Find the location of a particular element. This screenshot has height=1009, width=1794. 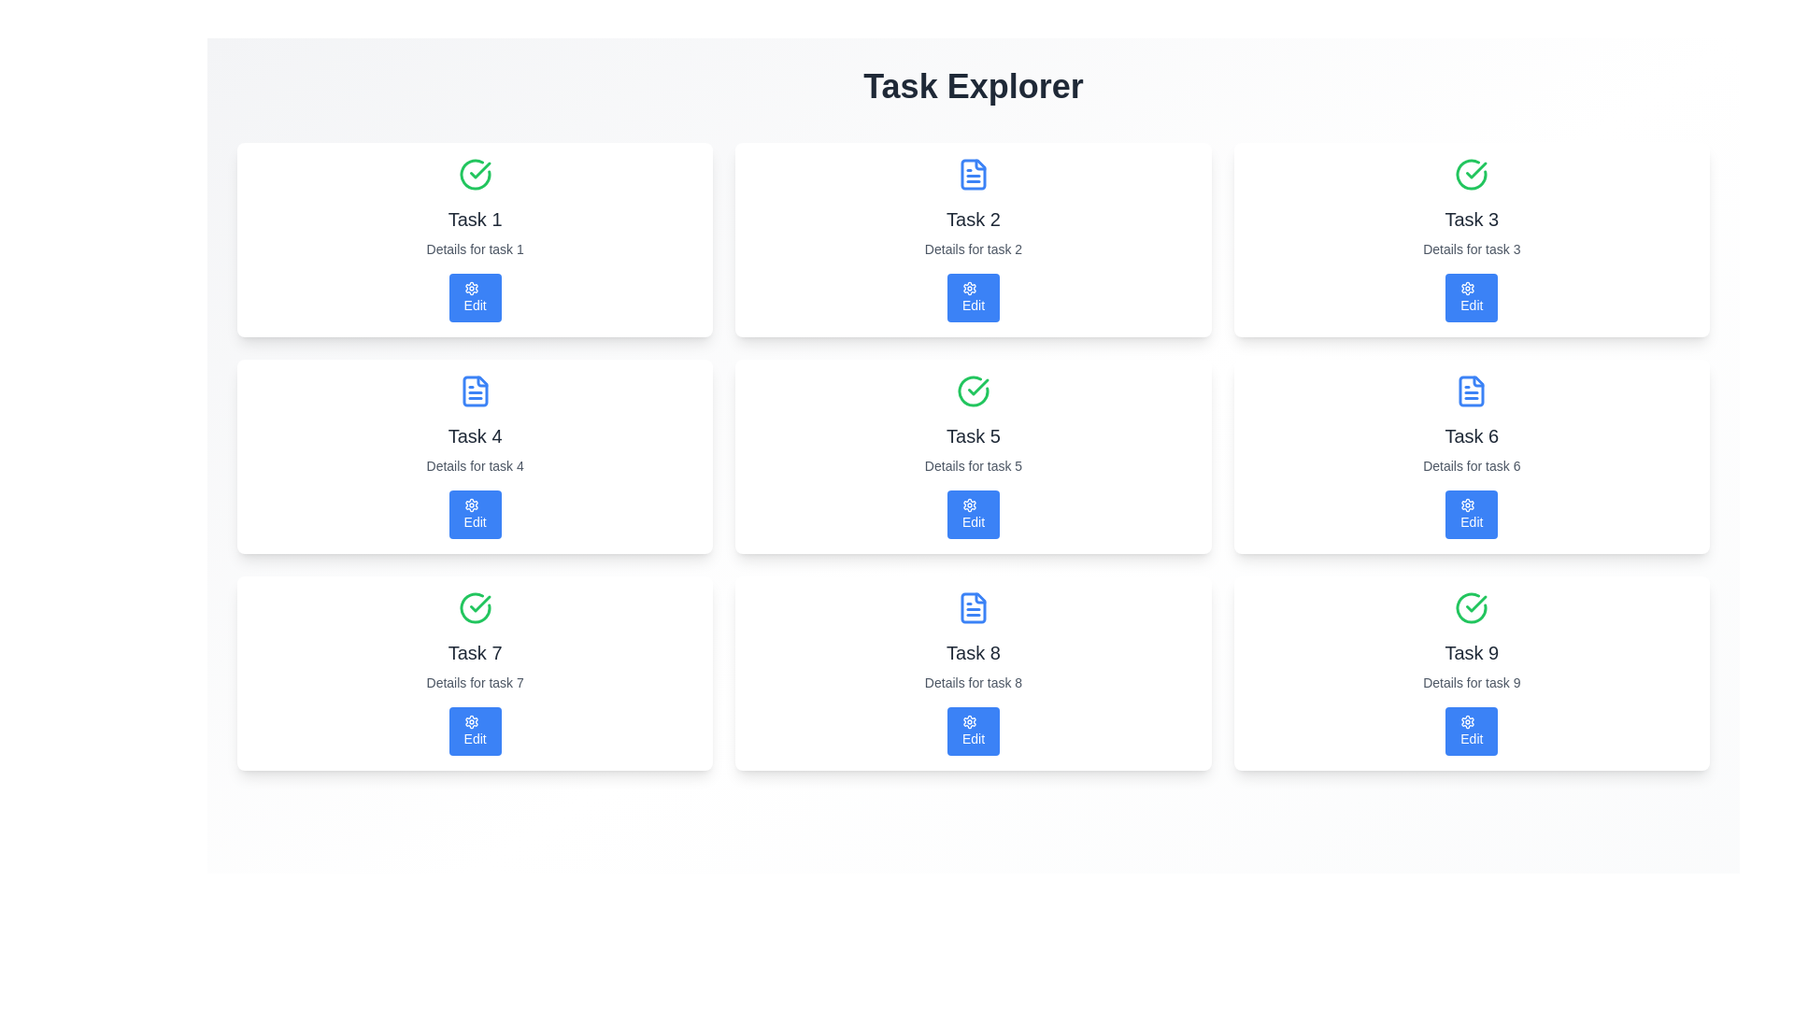

the static text label that provides information about 'Task 8', located below the title and above the 'Edit' button is located at coordinates (972, 683).